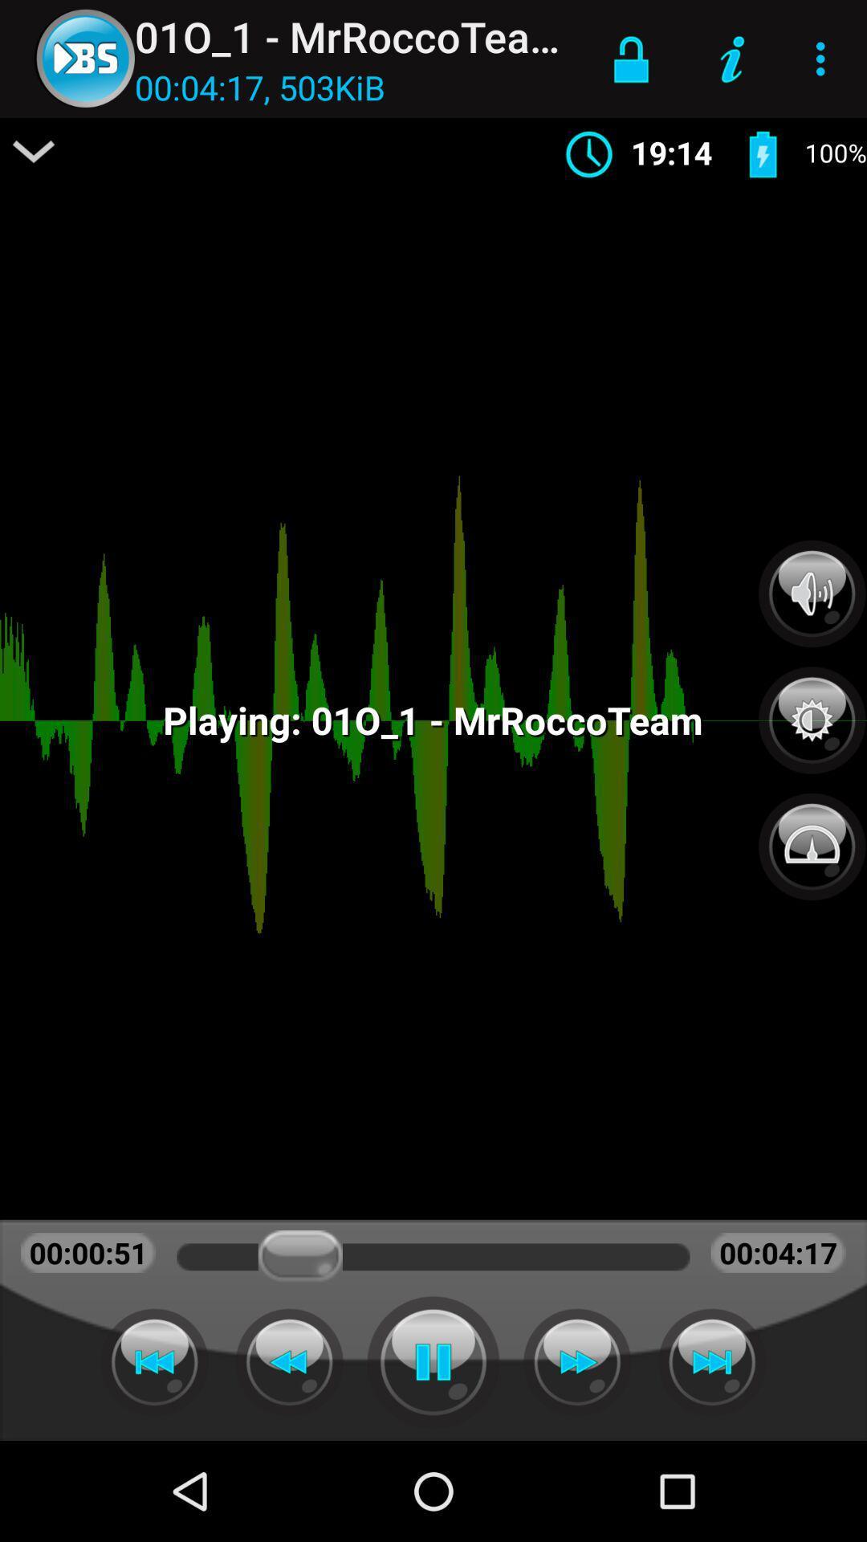 Image resolution: width=867 pixels, height=1542 pixels. Describe the element at coordinates (576, 1361) in the screenshot. I see `fast forward the track` at that location.